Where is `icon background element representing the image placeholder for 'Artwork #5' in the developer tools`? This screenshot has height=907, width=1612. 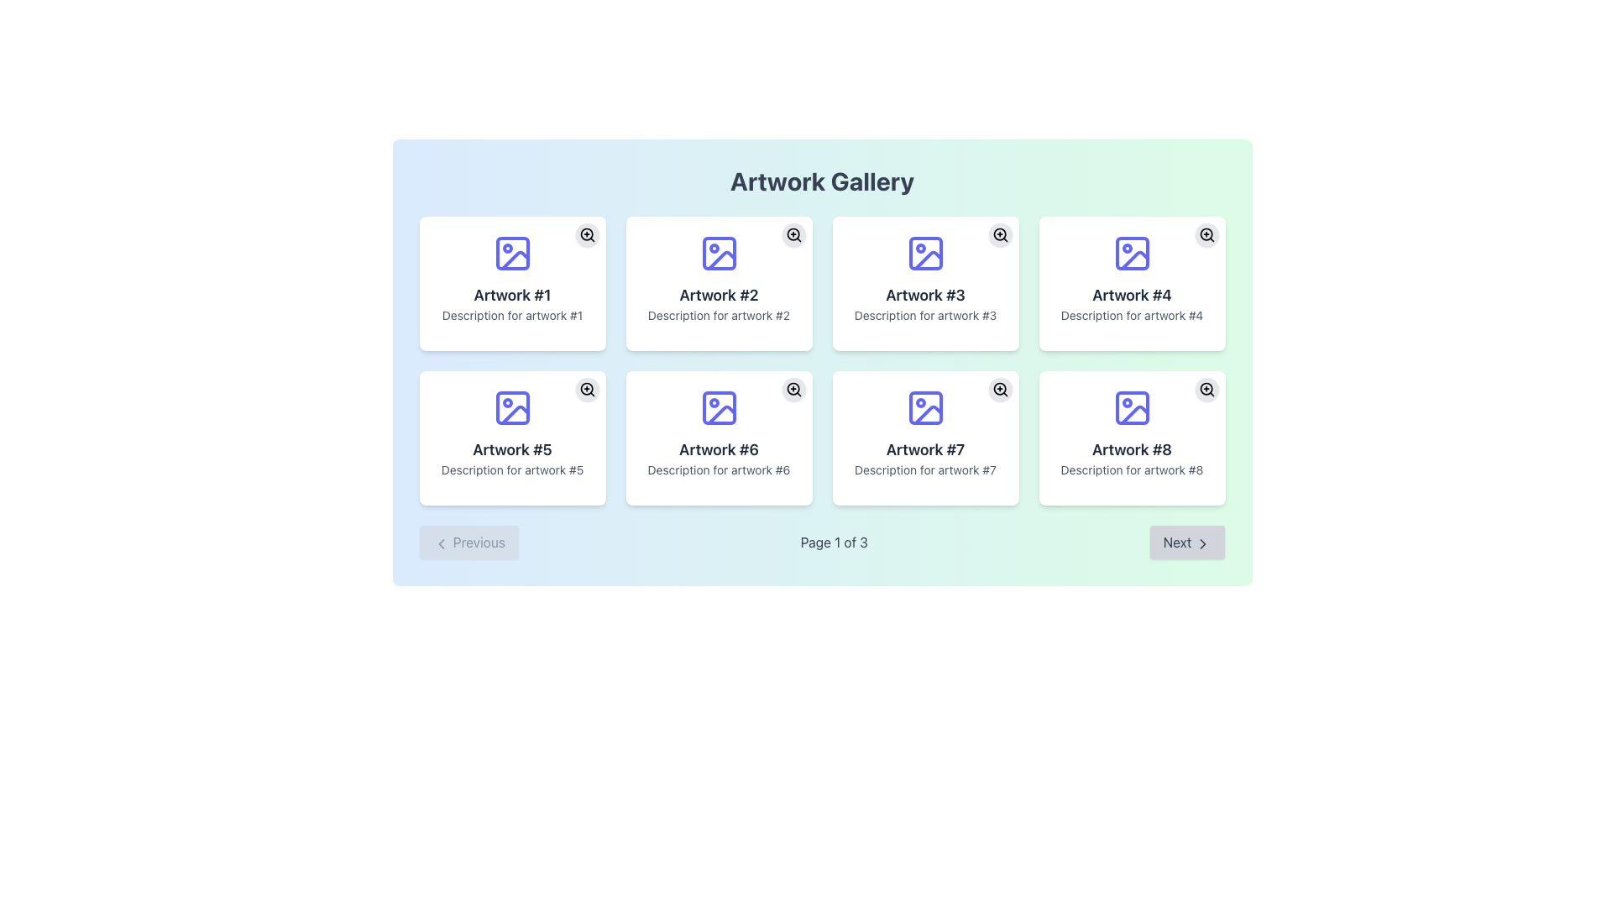 icon background element representing the image placeholder for 'Artwork #5' in the developer tools is located at coordinates (511, 408).